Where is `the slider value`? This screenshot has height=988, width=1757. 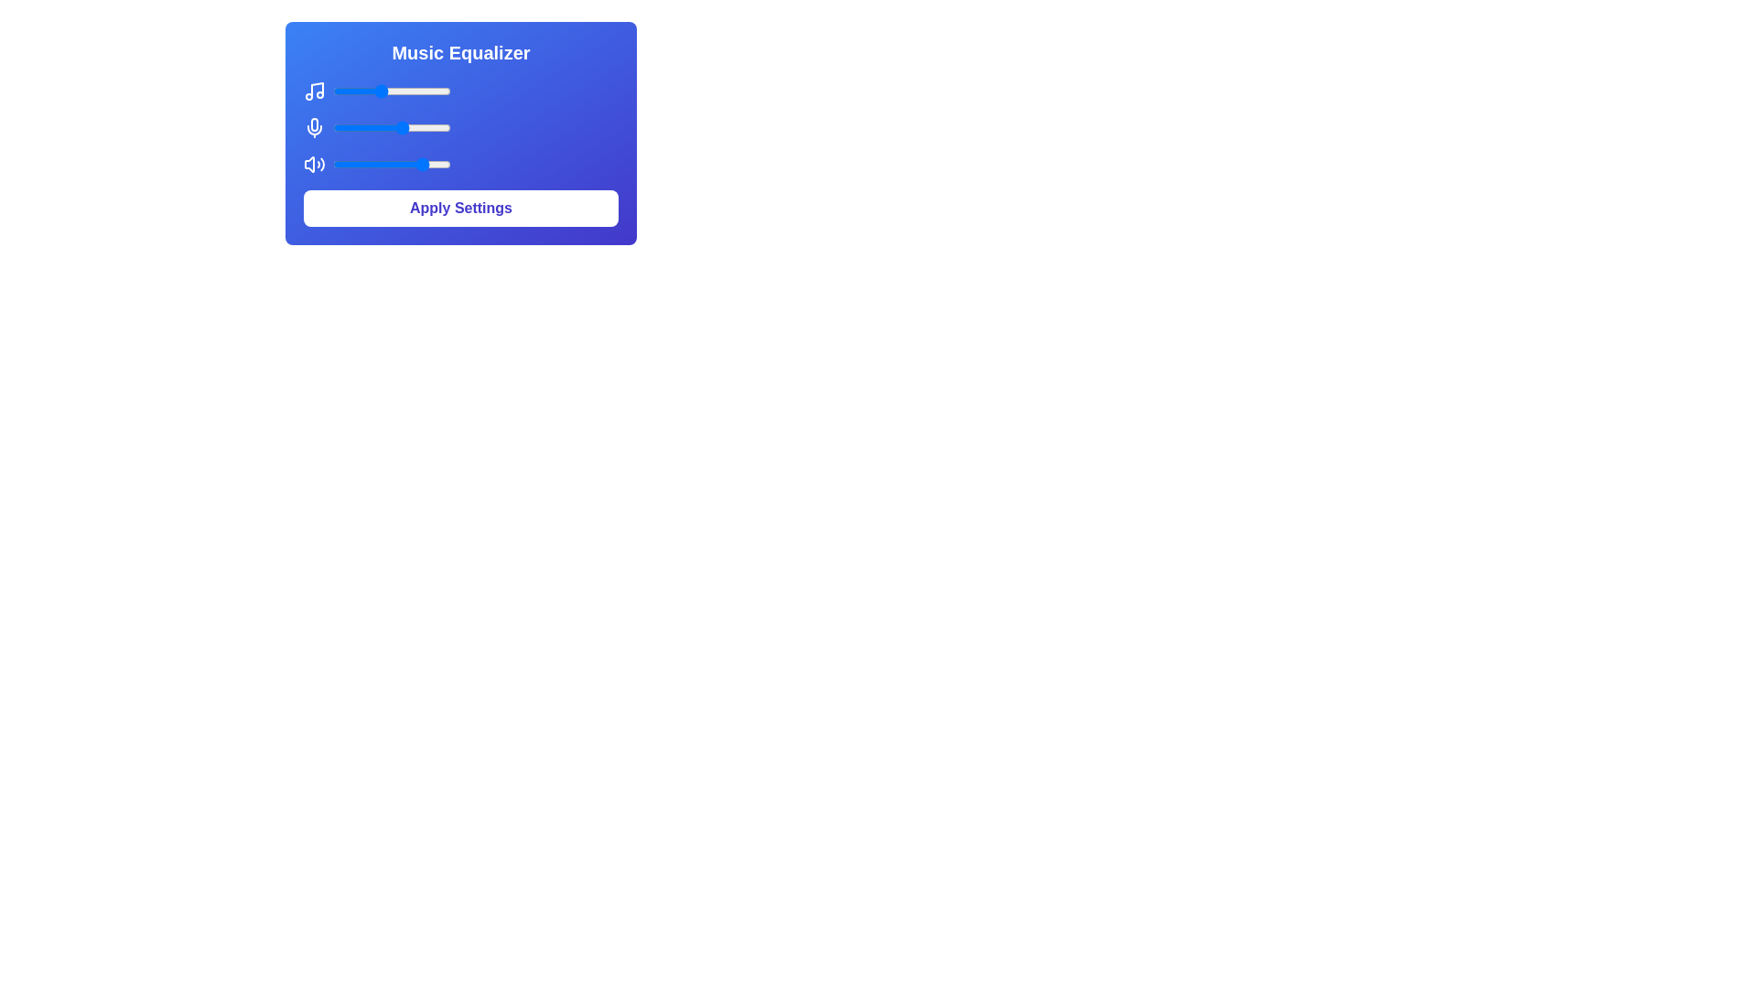
the slider value is located at coordinates (373, 165).